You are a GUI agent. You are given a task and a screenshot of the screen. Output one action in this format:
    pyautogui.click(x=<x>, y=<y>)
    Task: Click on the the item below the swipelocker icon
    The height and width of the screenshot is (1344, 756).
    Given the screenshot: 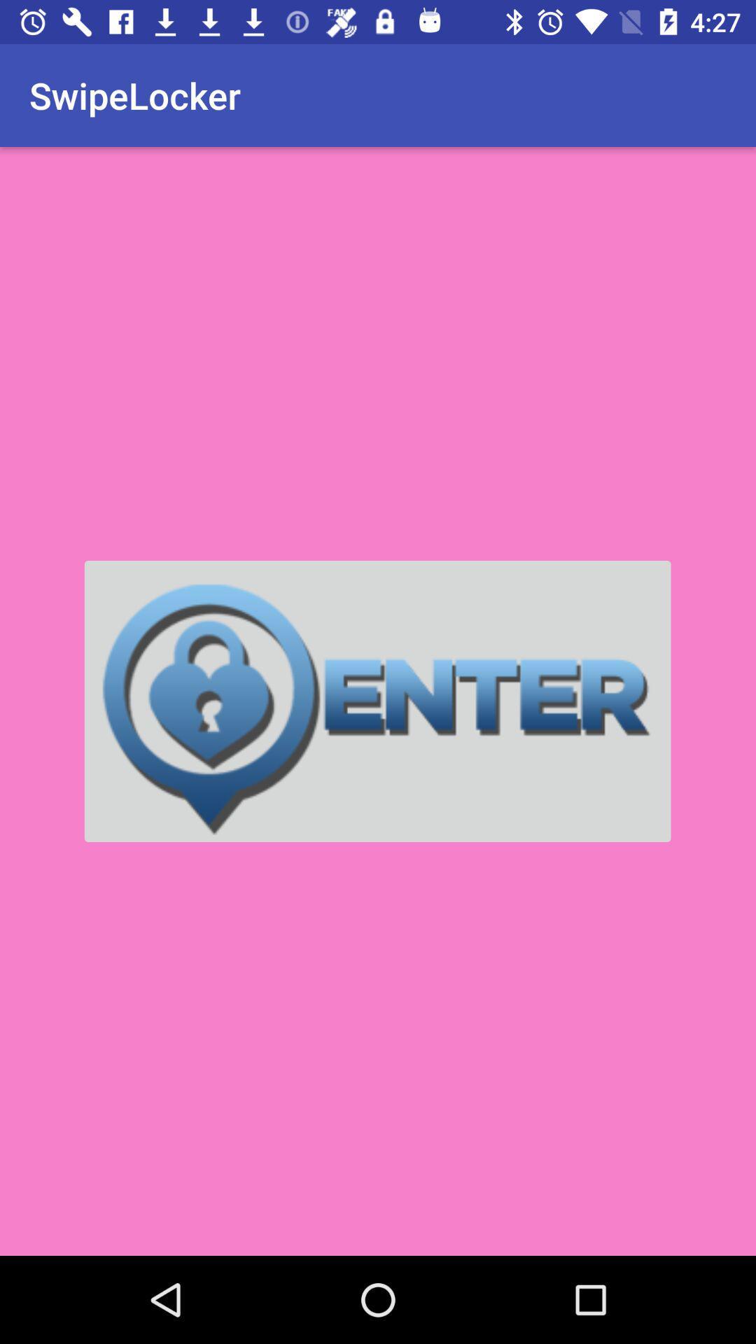 What is the action you would take?
    pyautogui.click(x=377, y=701)
    